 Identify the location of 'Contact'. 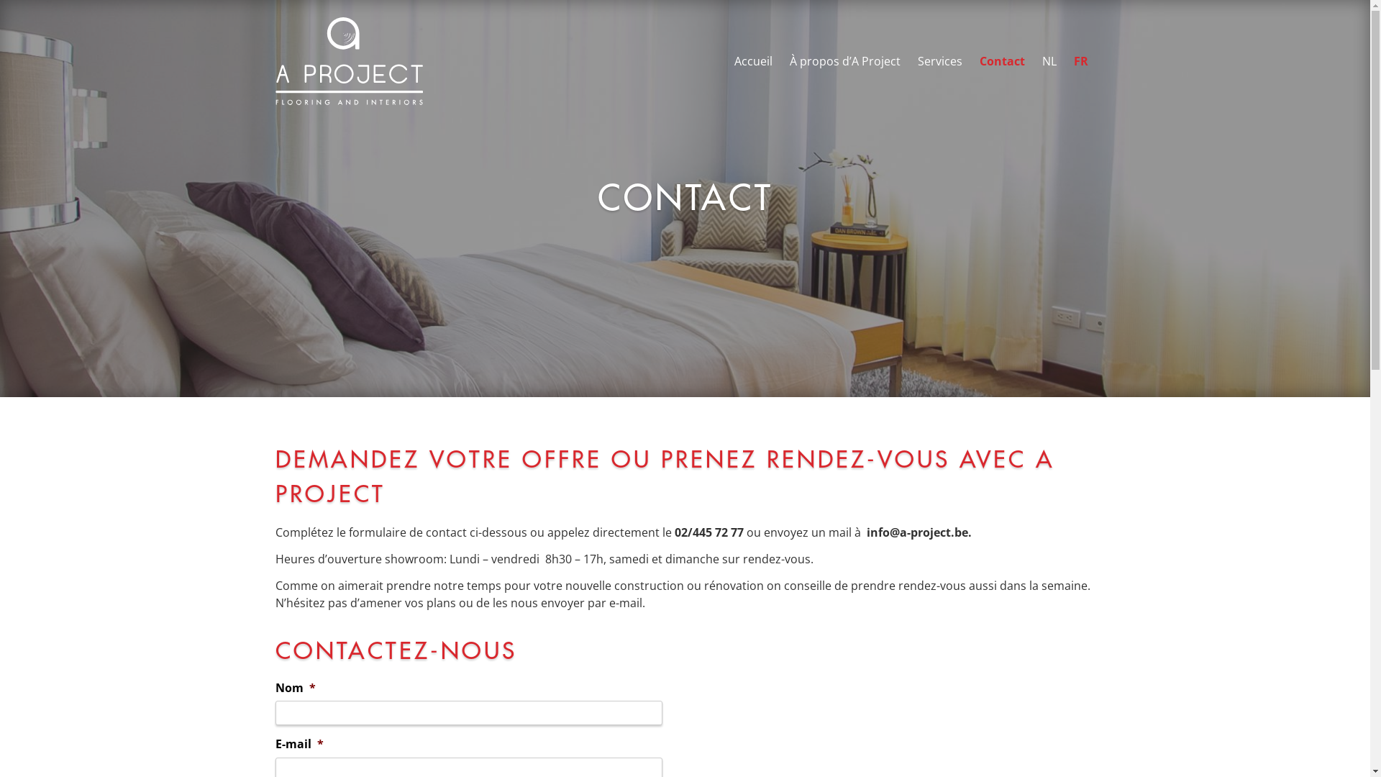
(1001, 60).